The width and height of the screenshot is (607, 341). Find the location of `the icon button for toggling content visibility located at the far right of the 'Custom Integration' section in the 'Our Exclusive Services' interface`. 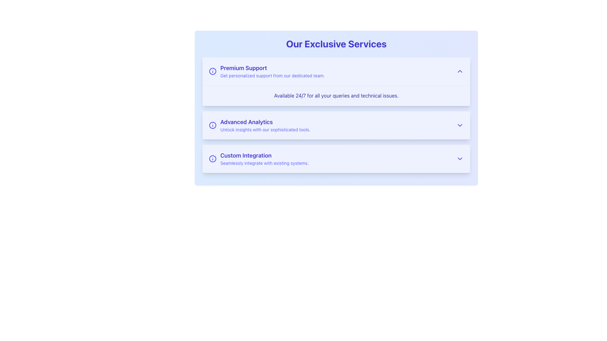

the icon button for toggling content visibility located at the far right of the 'Custom Integration' section in the 'Our Exclusive Services' interface is located at coordinates (460, 158).